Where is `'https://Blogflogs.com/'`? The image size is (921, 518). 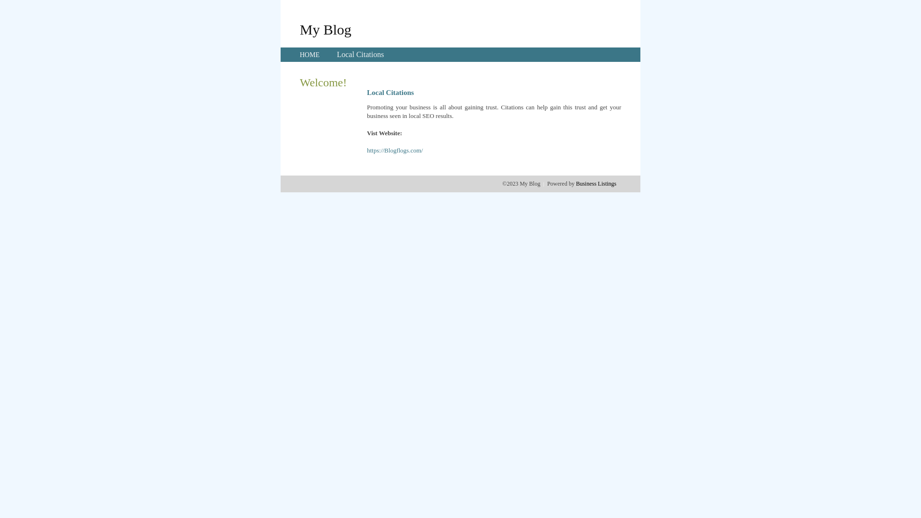
'https://Blogflogs.com/' is located at coordinates (366, 150).